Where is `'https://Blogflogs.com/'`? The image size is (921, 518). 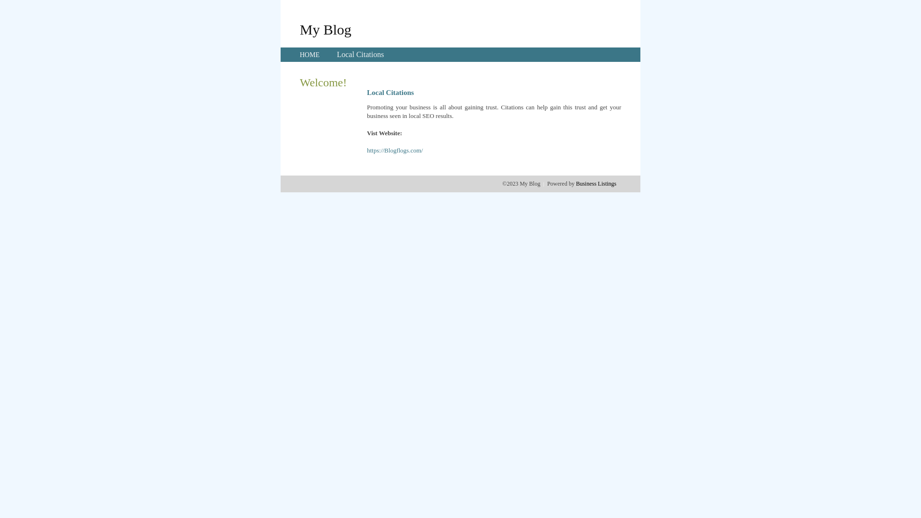
'https://Blogflogs.com/' is located at coordinates (366, 150).